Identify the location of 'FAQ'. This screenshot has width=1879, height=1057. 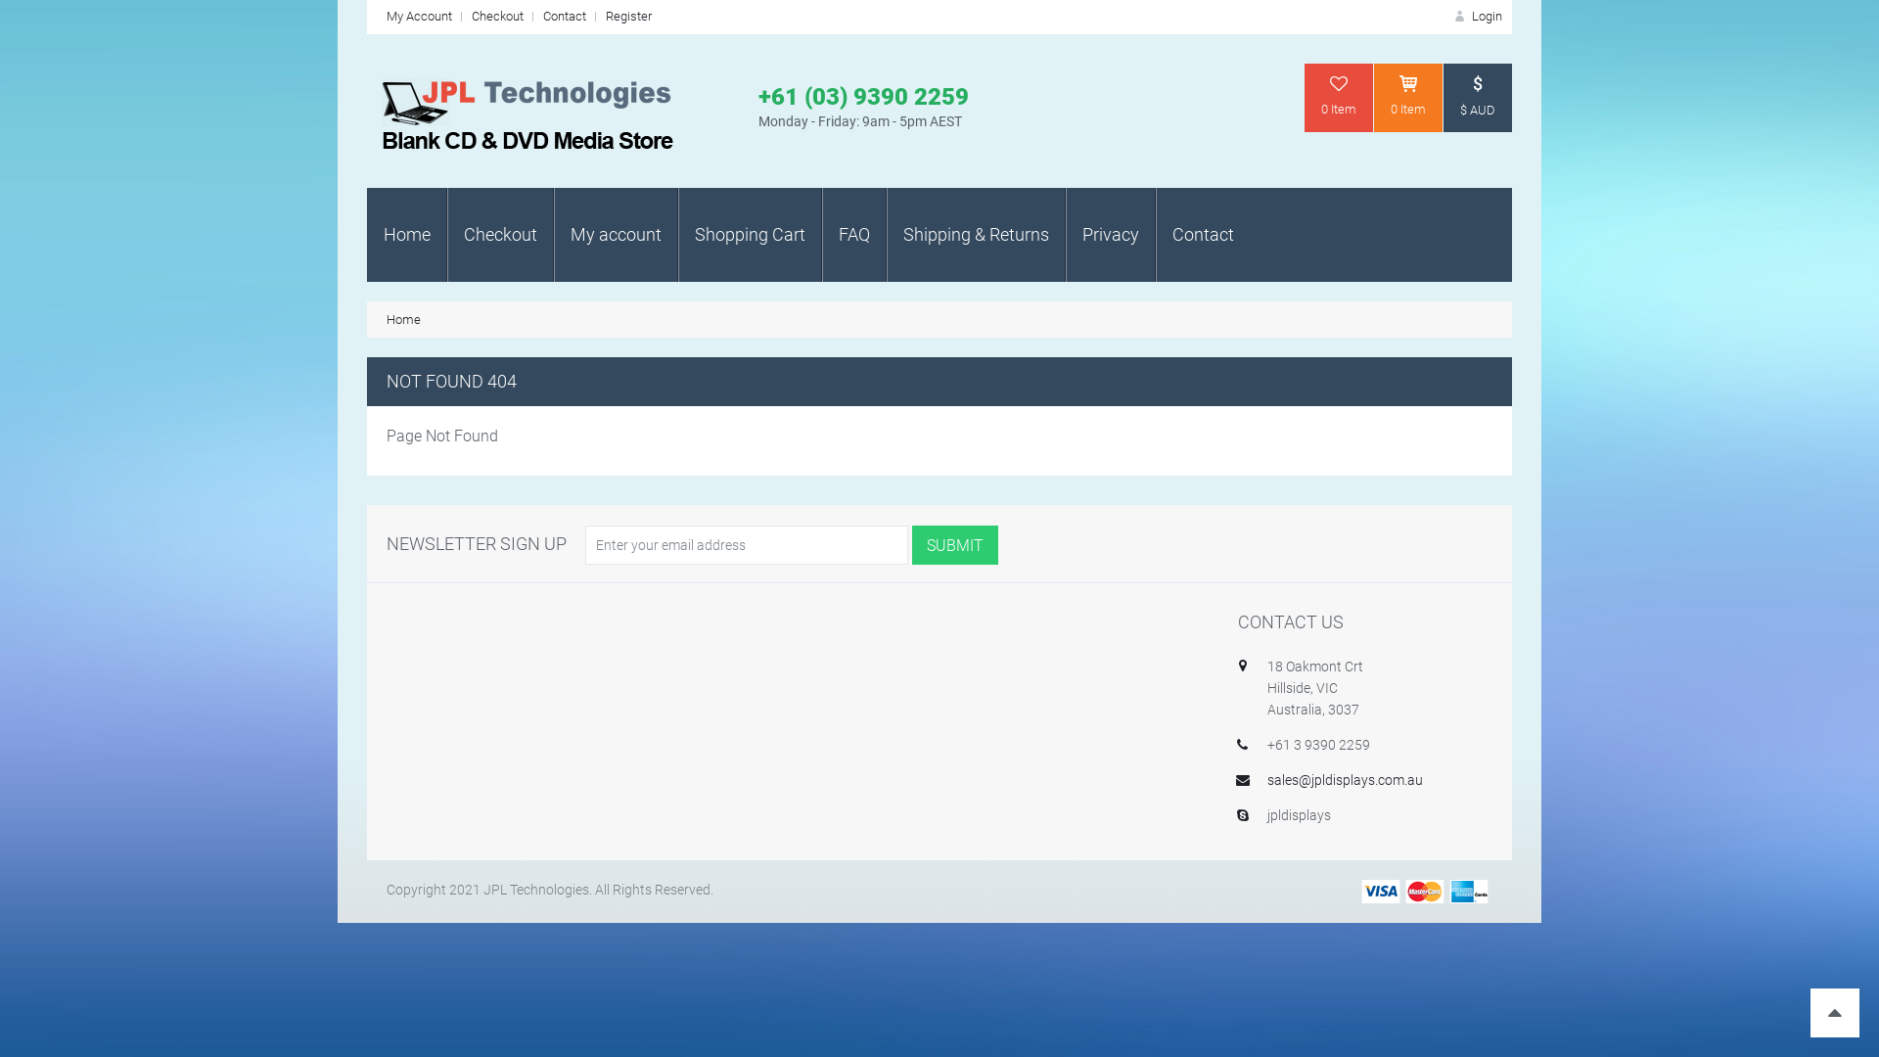
(854, 233).